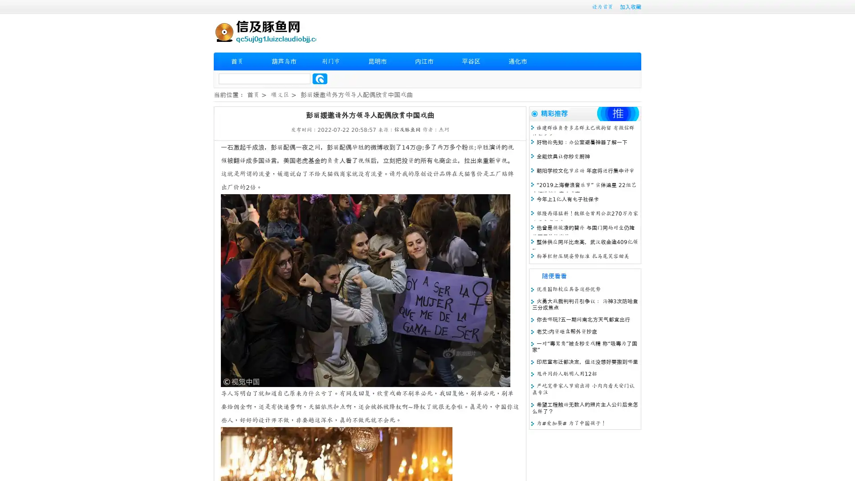  Describe the element at coordinates (320, 78) in the screenshot. I see `Search` at that location.